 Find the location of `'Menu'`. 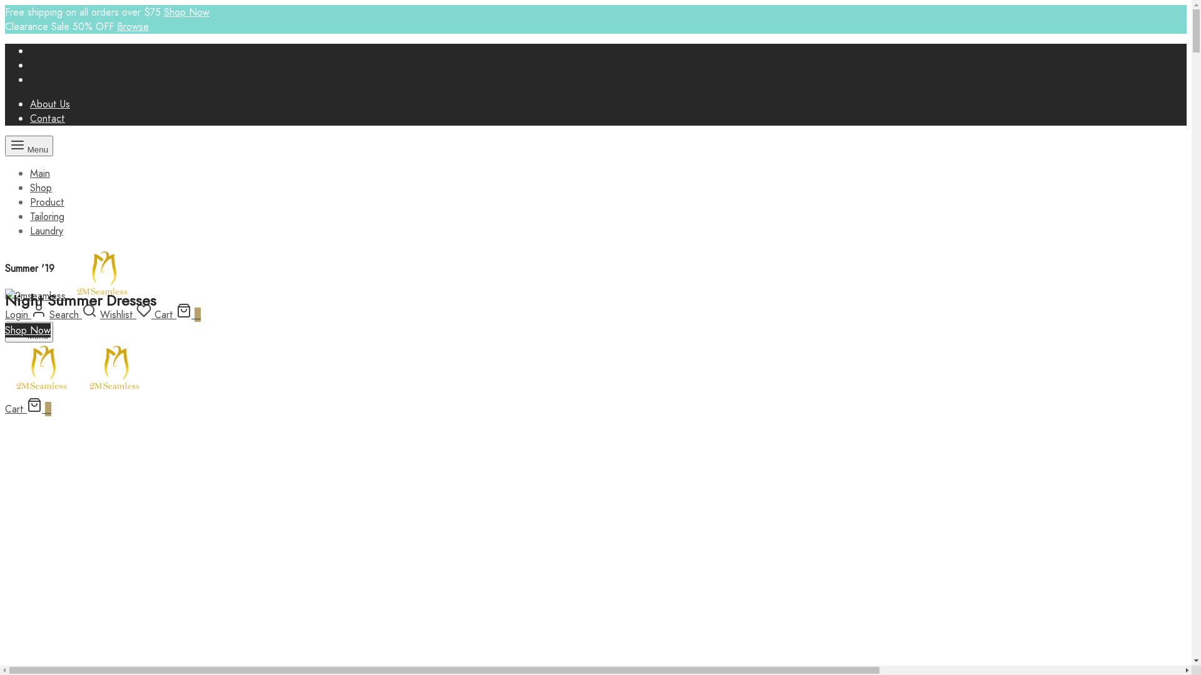

'Menu' is located at coordinates (29, 331).